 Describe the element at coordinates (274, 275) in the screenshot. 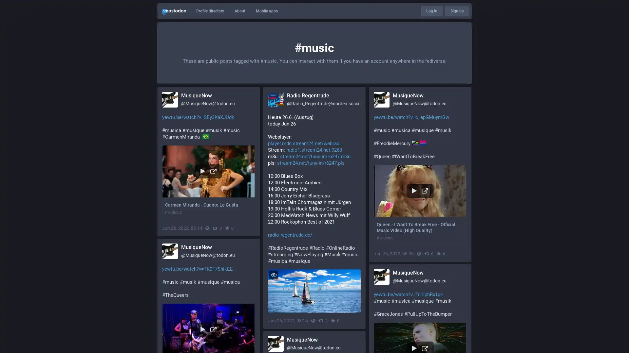

I see `Hide image` at that location.